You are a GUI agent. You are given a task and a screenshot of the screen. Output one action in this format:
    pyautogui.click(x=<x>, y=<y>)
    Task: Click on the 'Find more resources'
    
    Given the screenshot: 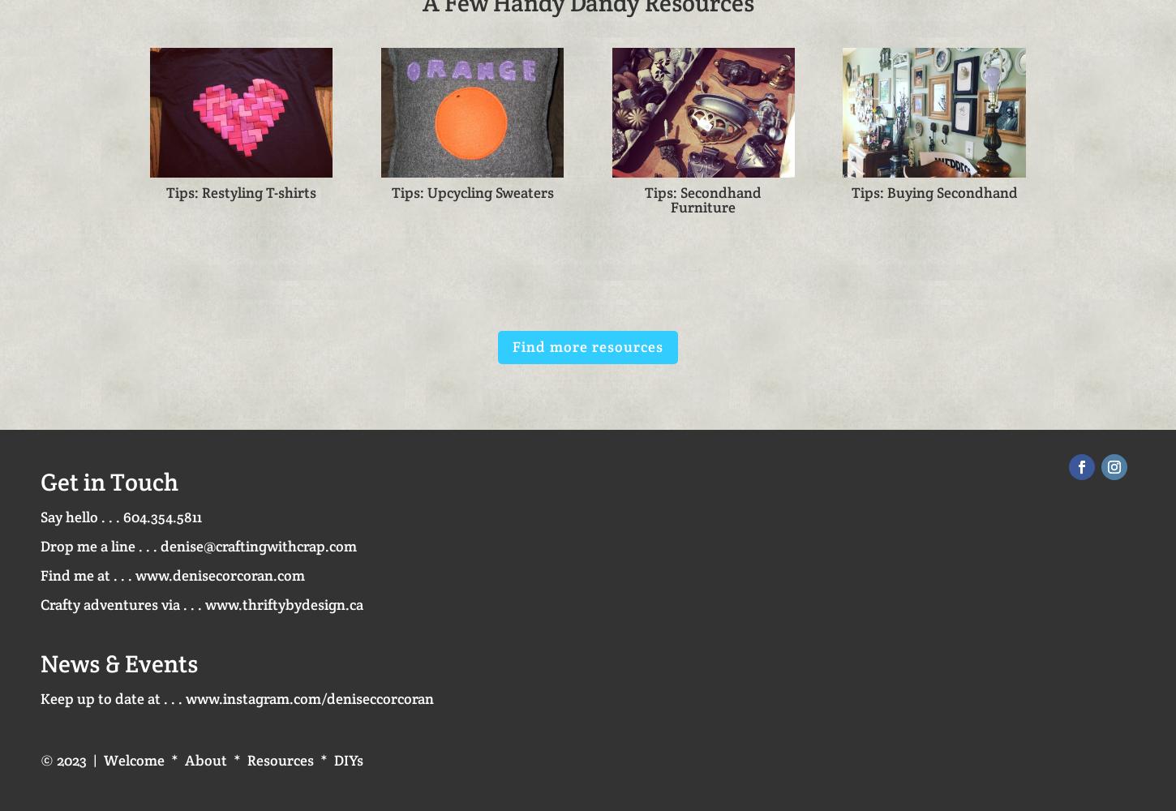 What is the action you would take?
    pyautogui.click(x=586, y=346)
    